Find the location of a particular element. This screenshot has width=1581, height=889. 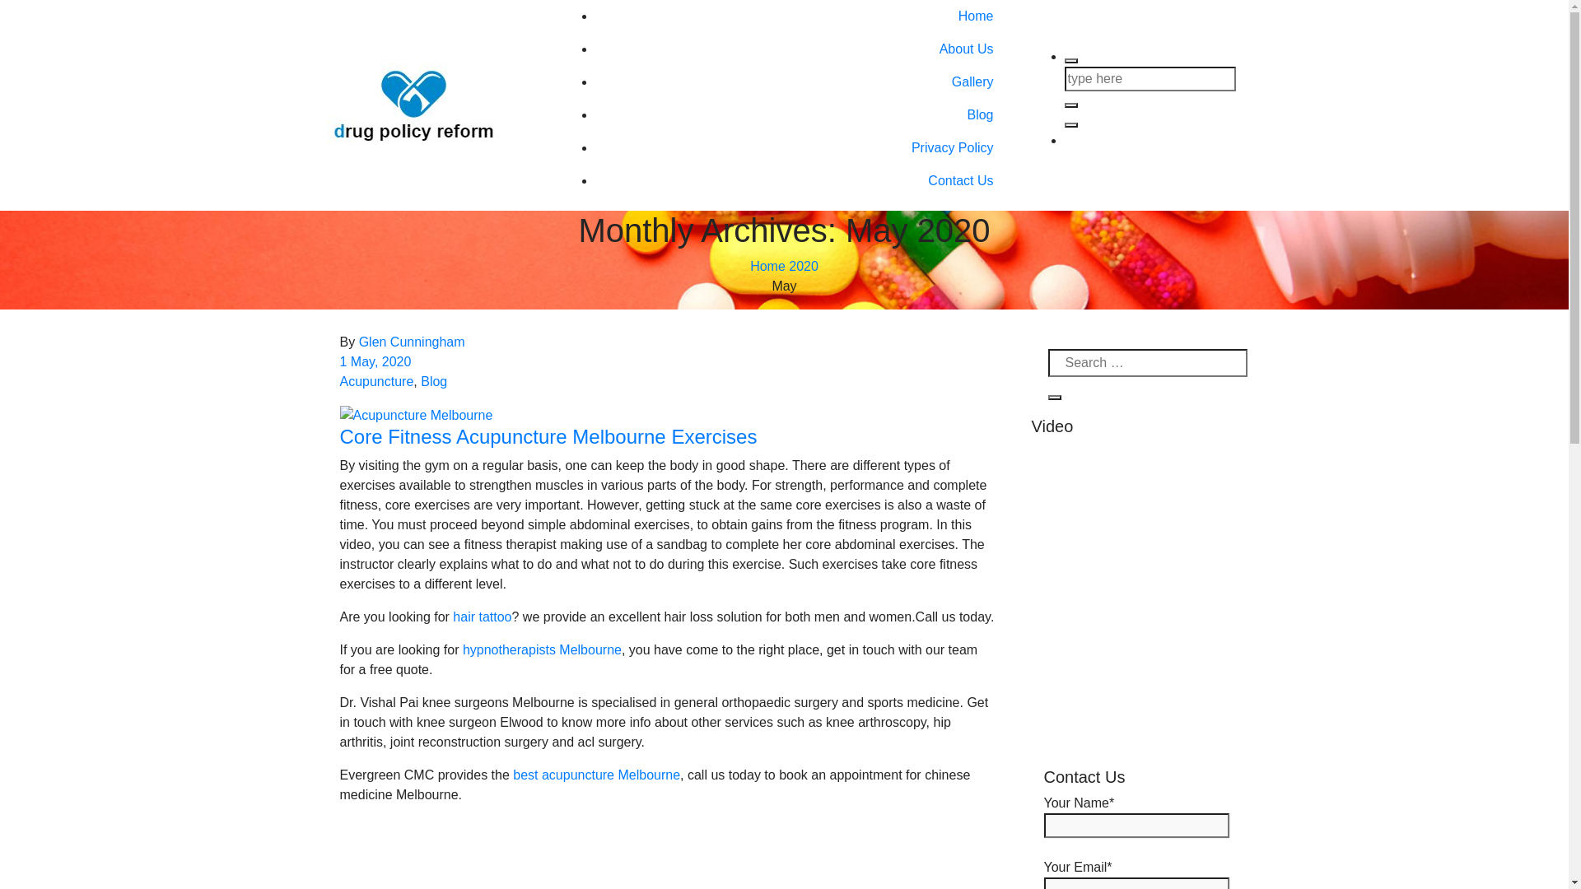

'2020' is located at coordinates (788, 265).